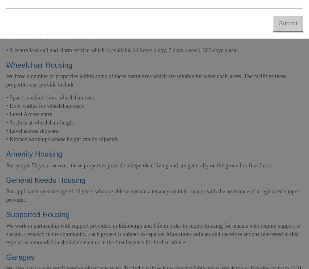 Image resolution: width=309 pixels, height=269 pixels. What do you see at coordinates (6, 122) in the screenshot?
I see `'• Sockets at wheelchair height'` at bounding box center [6, 122].